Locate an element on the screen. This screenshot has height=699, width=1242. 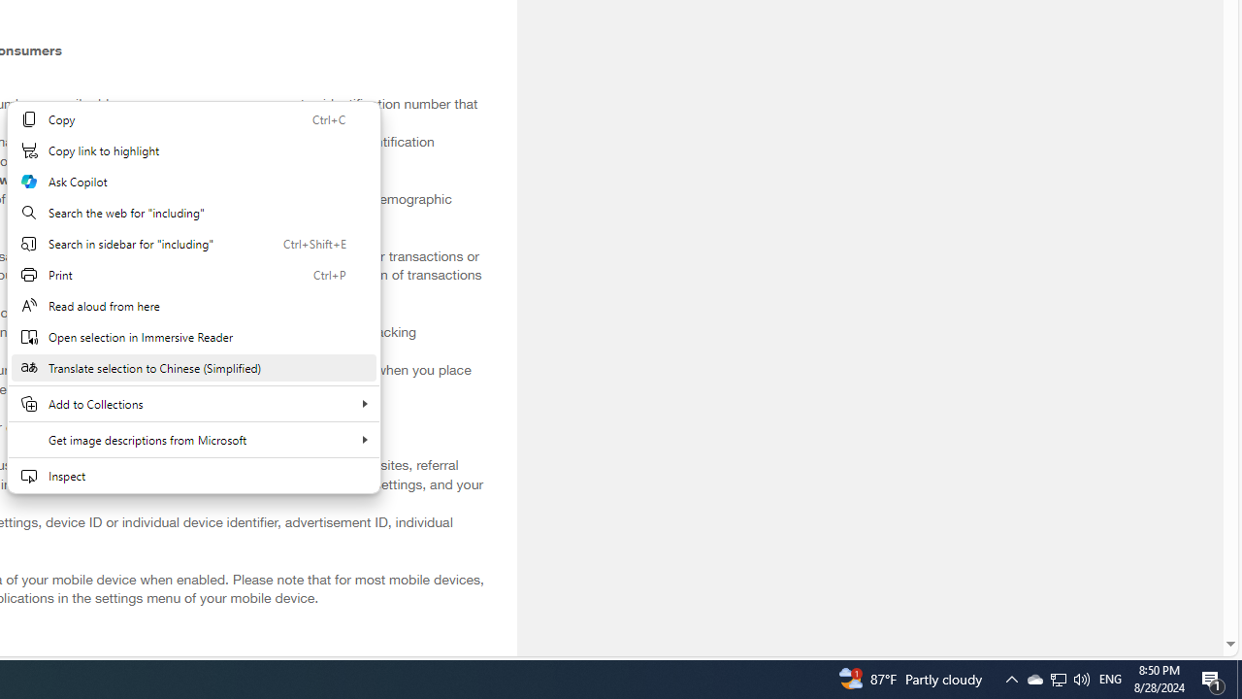
'Copy' is located at coordinates (193, 119).